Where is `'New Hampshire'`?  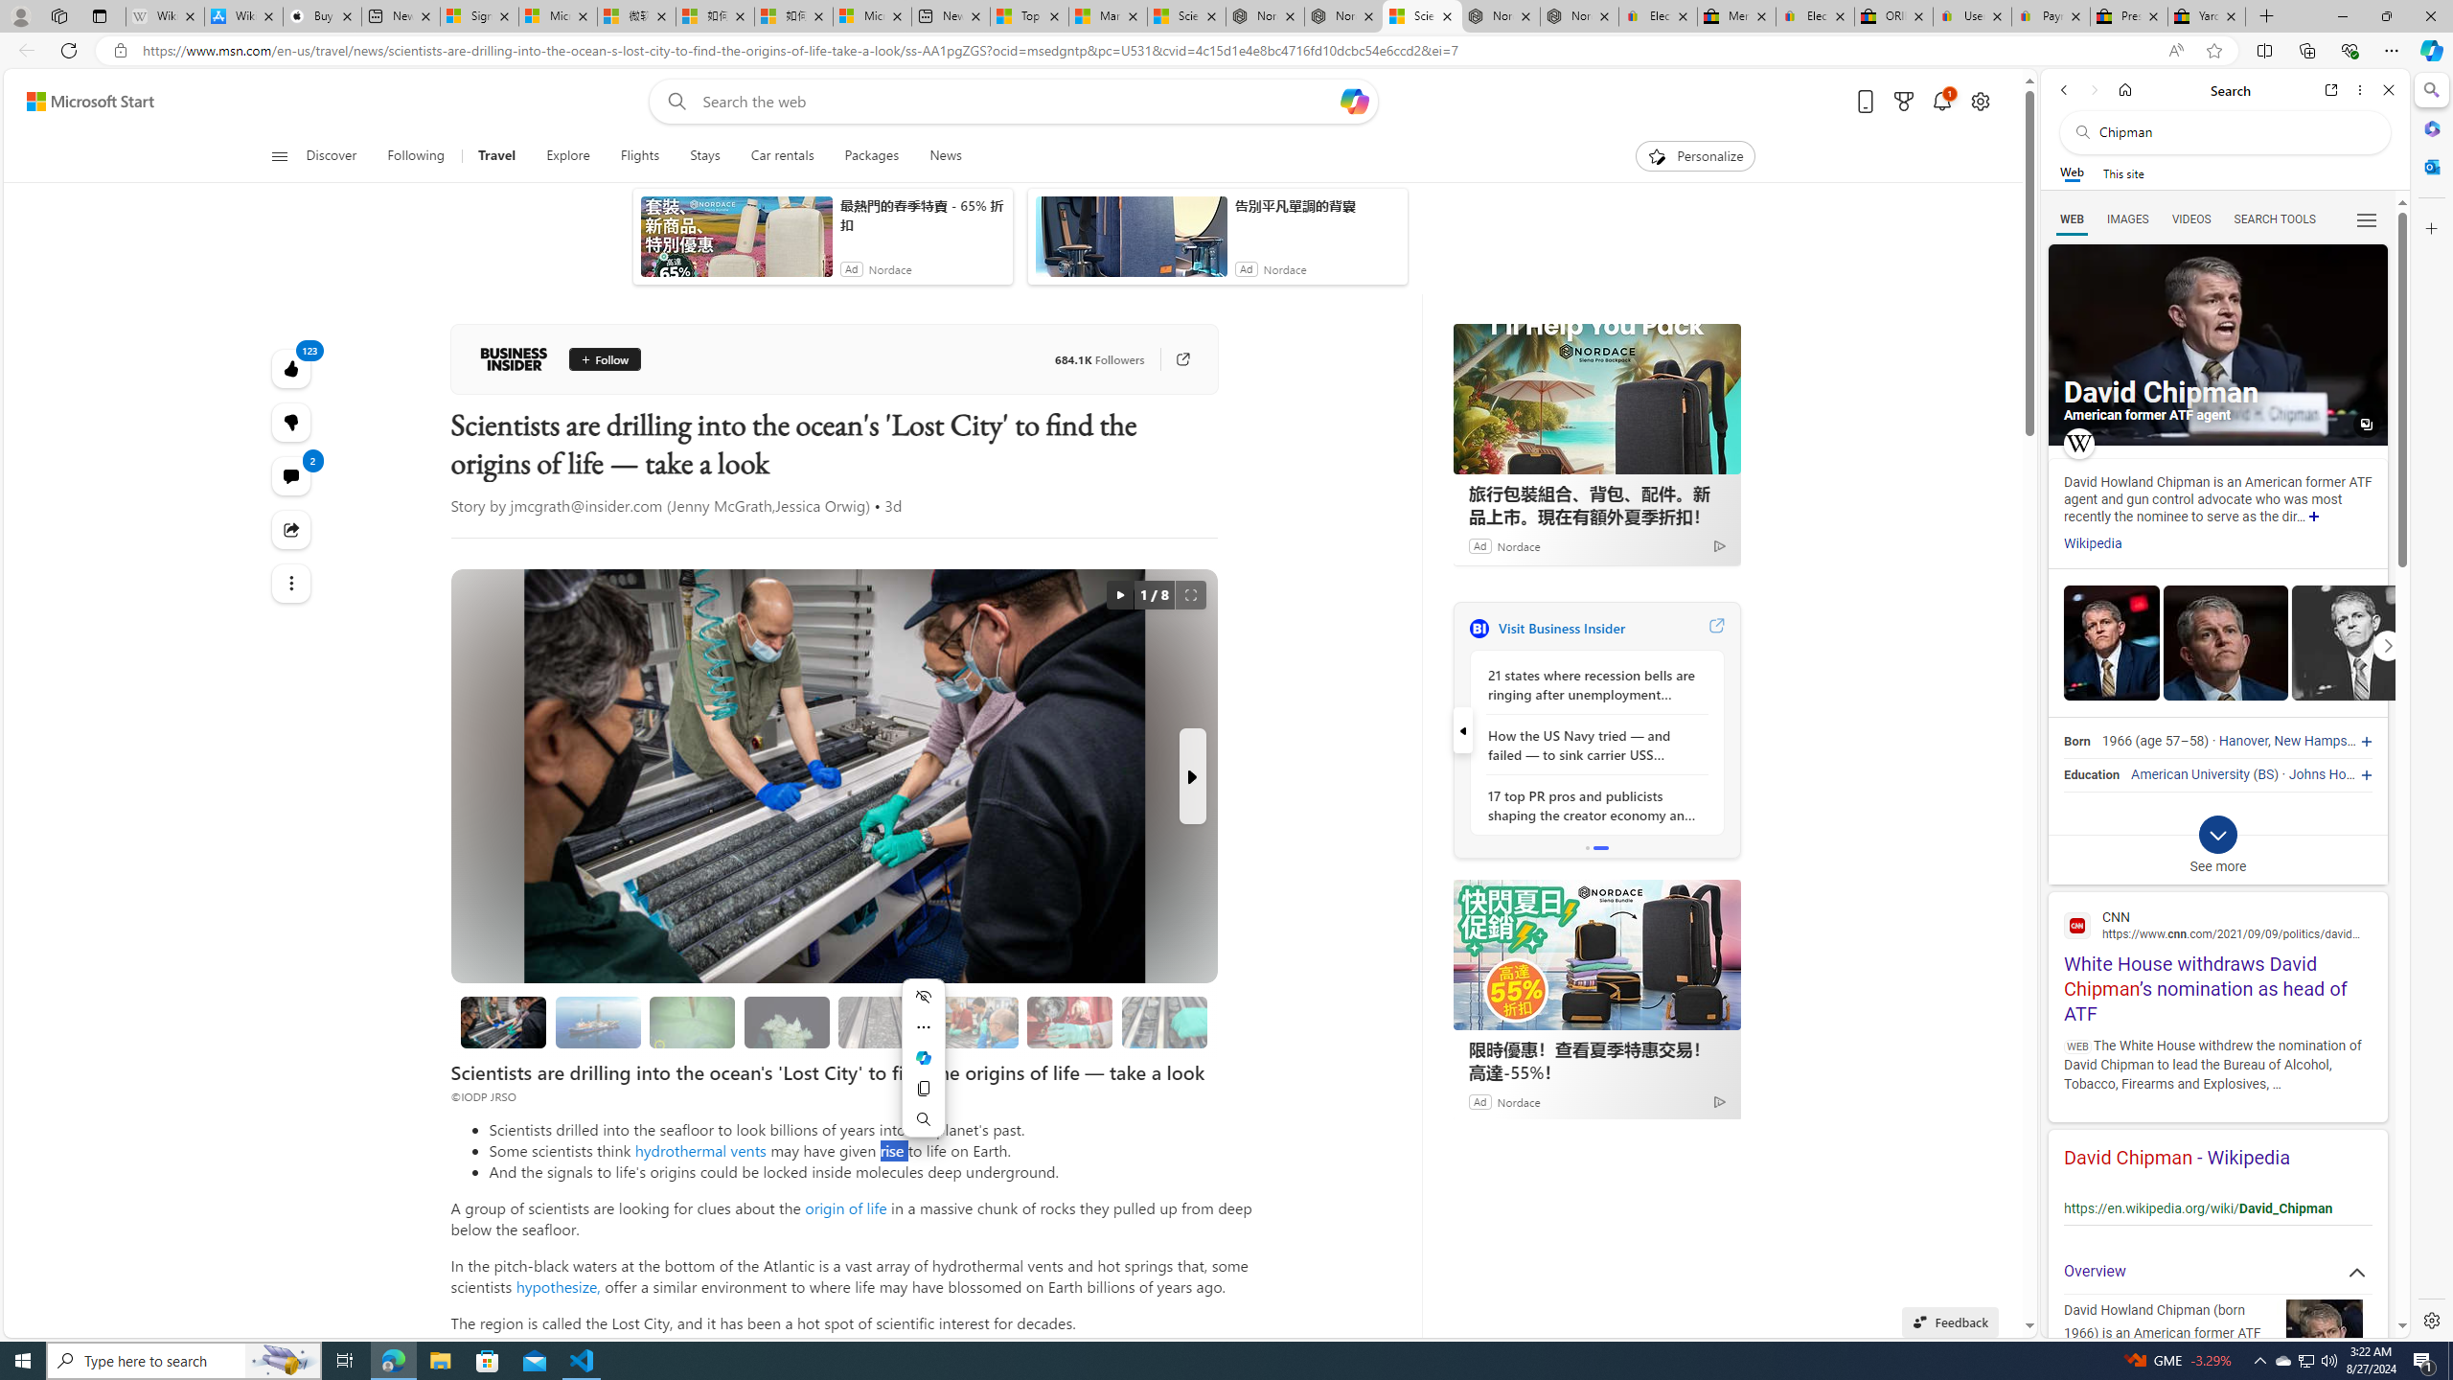 'New Hampshire' is located at coordinates (2321, 741).